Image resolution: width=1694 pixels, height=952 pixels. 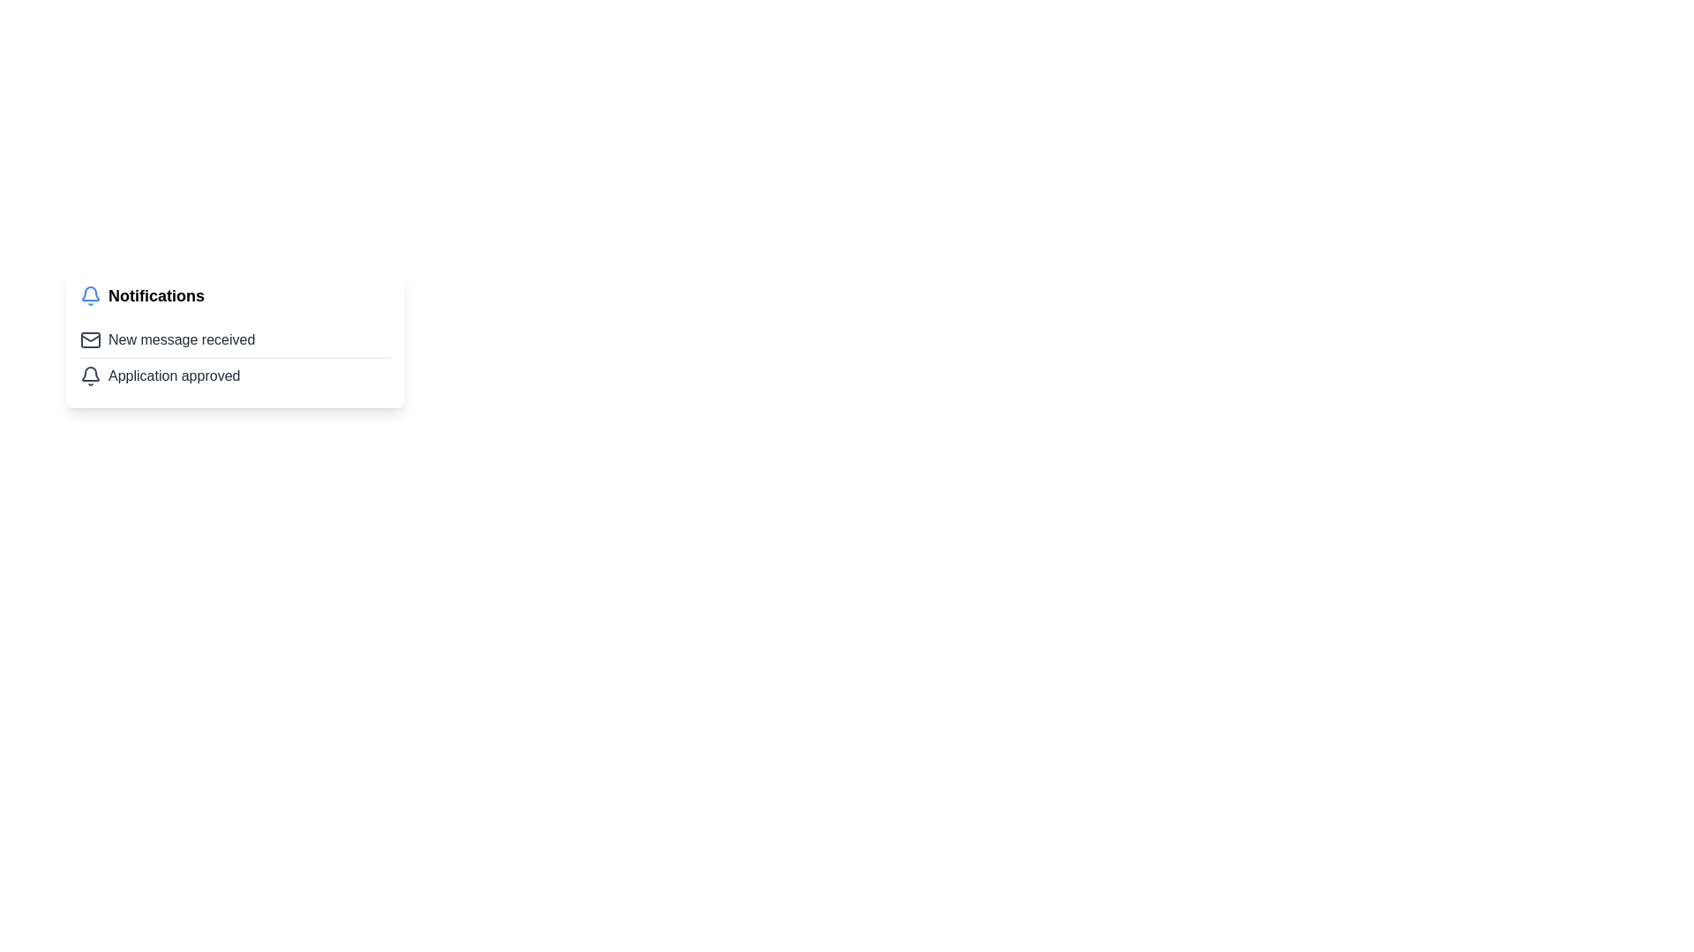 What do you see at coordinates (89, 294) in the screenshot?
I see `the visual state of the notification bell icon, which is styled in blue and positioned to the left of the 'Notifications' text in the notification header section` at bounding box center [89, 294].